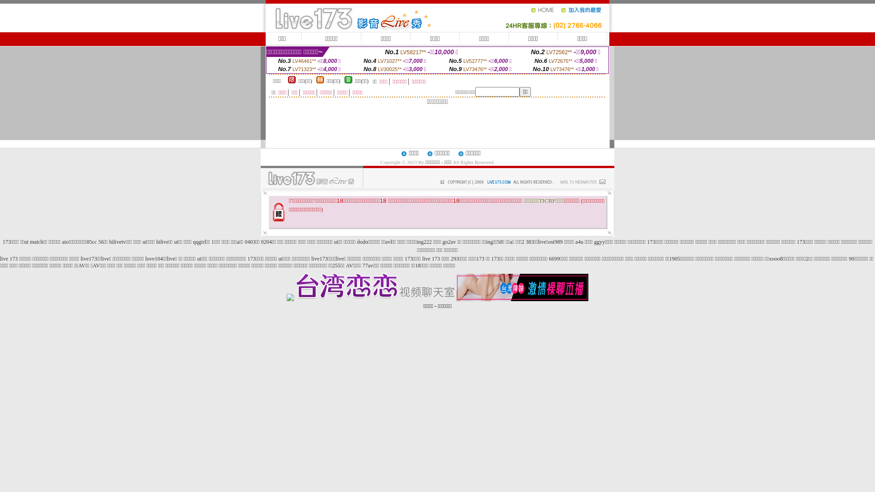  Describe the element at coordinates (0, 258) in the screenshot. I see `'live 173'` at that location.